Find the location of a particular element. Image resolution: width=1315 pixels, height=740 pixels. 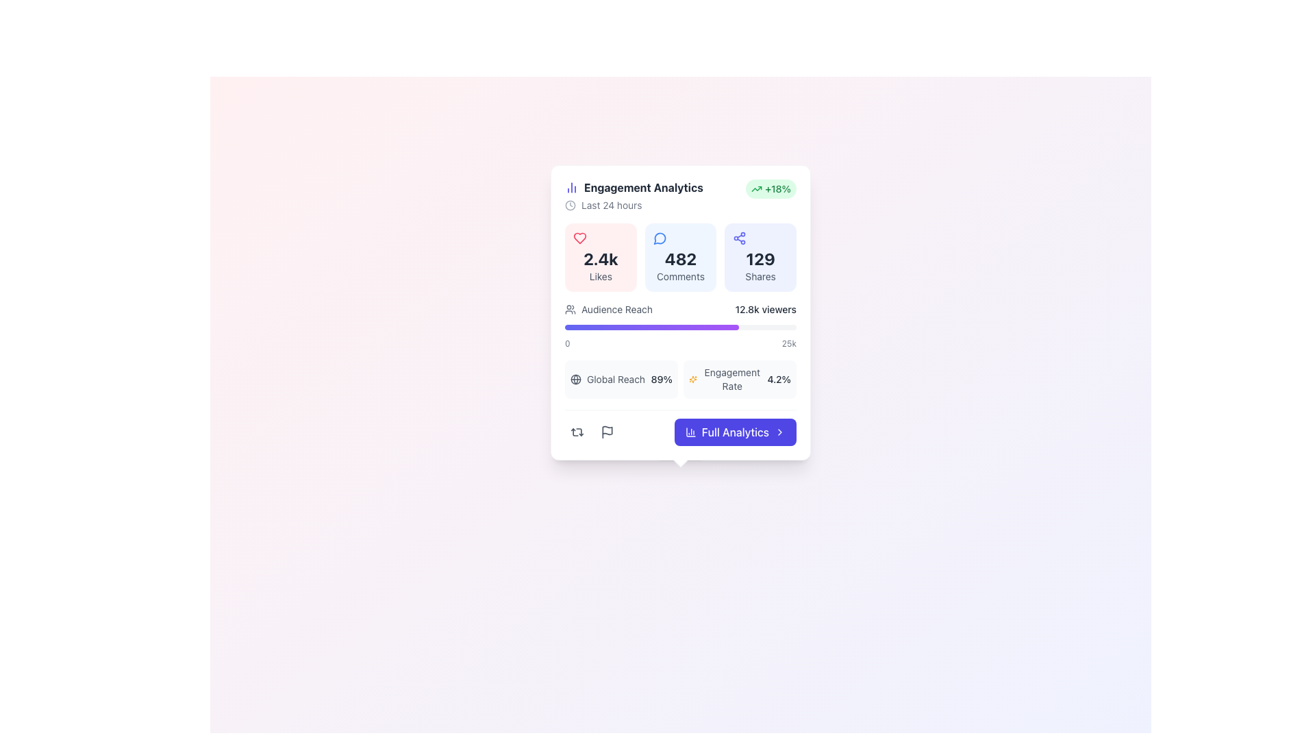

the icon depicting two human silhouettes located in the 'Audience Reach' section, which is styled in a simplistic, modern outline fashion with thin gray strokes is located at coordinates (571, 309).